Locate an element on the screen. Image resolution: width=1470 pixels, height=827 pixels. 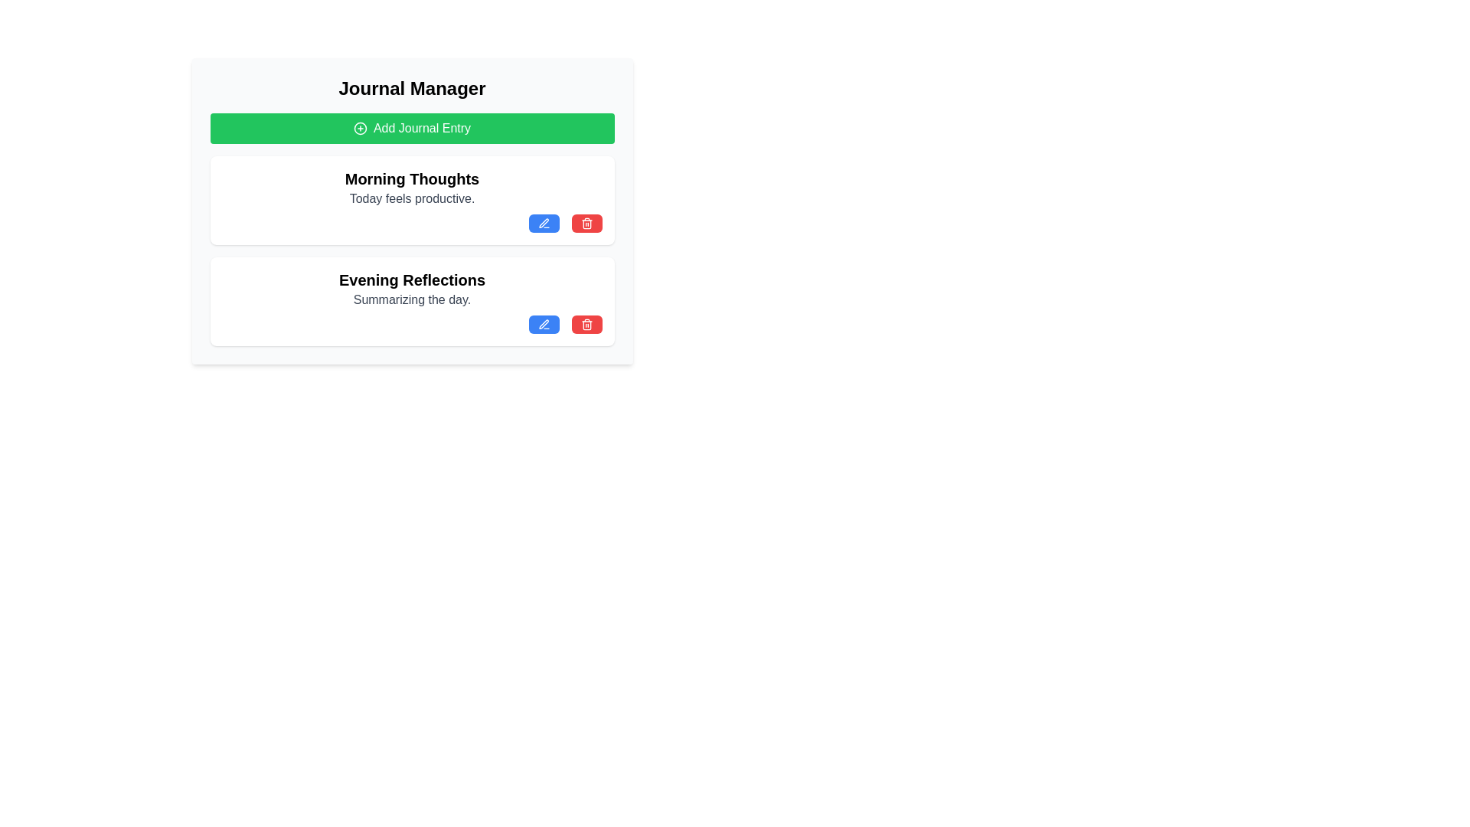
the Text Content Block that displays the title and description of a journal entry, located in the center of the interface within the 'Journal Manager' section is located at coordinates (412, 188).